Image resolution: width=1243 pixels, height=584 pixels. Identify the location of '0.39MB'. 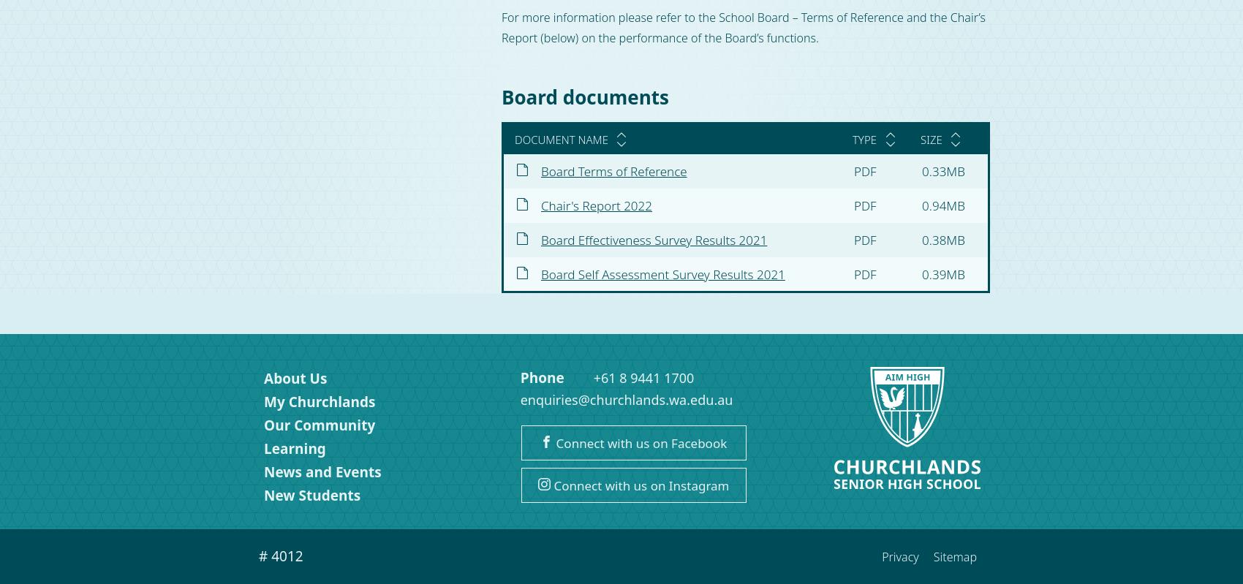
(942, 273).